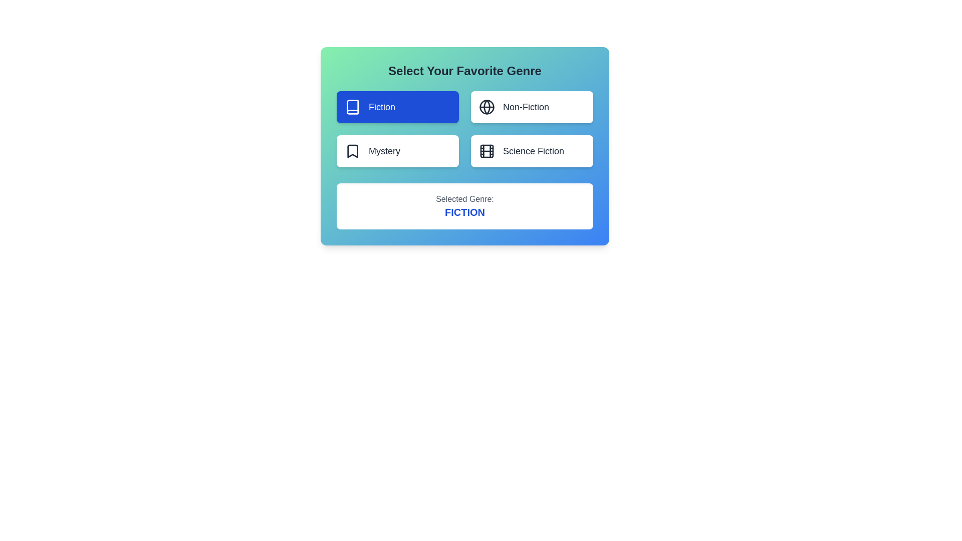 Image resolution: width=962 pixels, height=541 pixels. I want to click on the genre Non-Fiction by clicking on its button, so click(531, 107).